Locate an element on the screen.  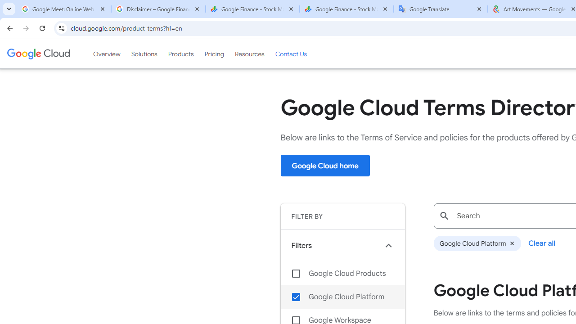
'Solutions' is located at coordinates (144, 54).